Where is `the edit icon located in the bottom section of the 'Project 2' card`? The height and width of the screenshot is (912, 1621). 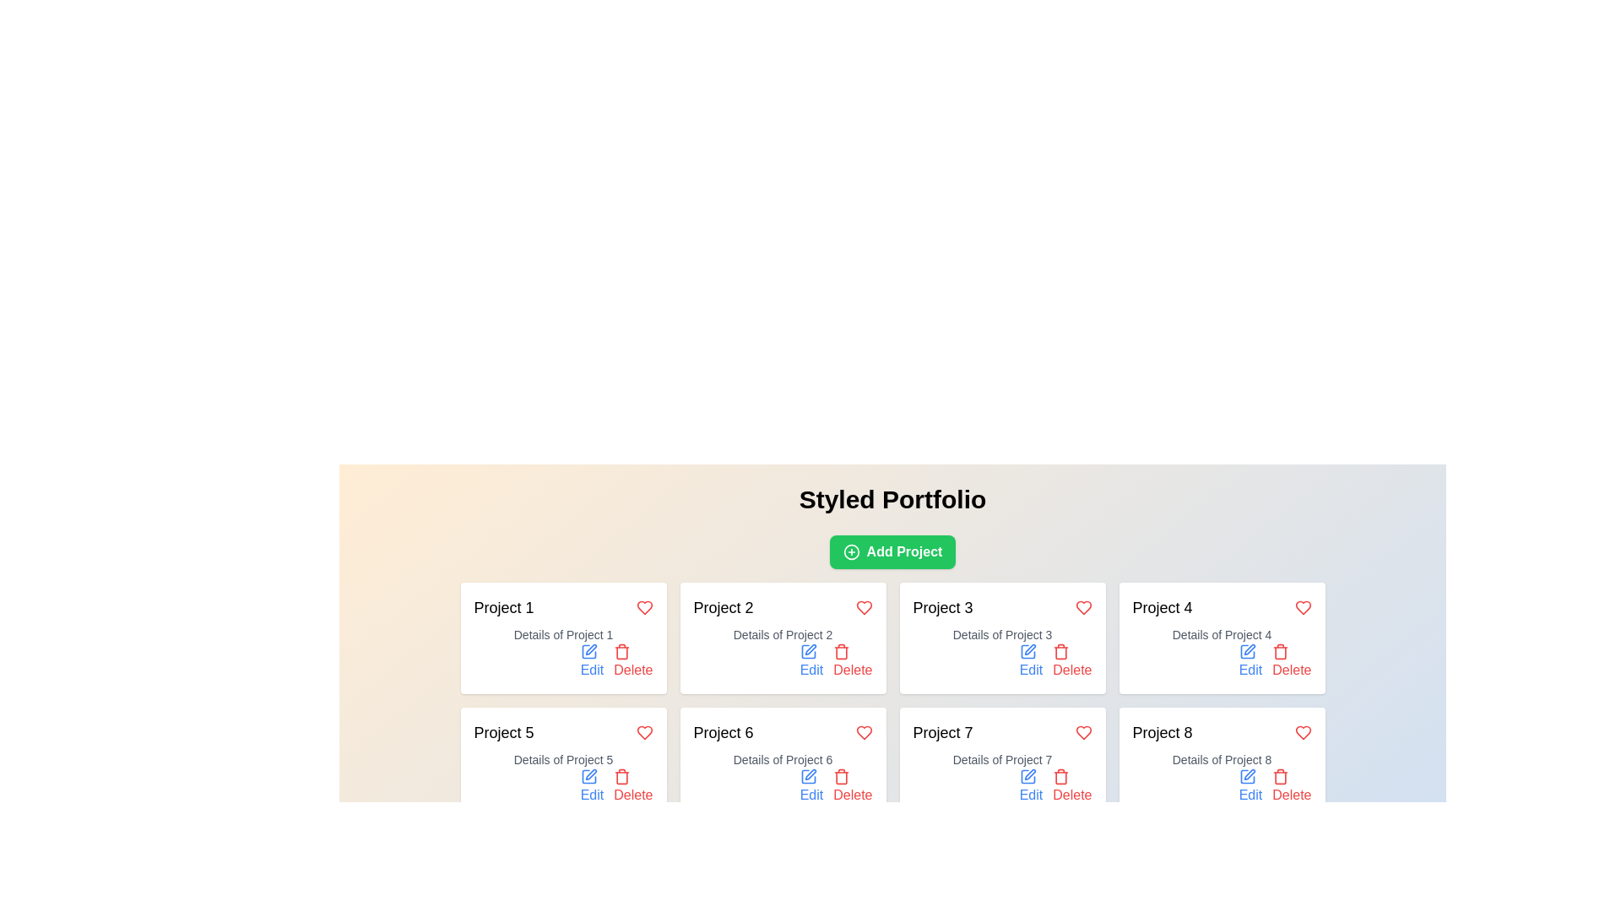 the edit icon located in the bottom section of the 'Project 2' card is located at coordinates (810, 649).